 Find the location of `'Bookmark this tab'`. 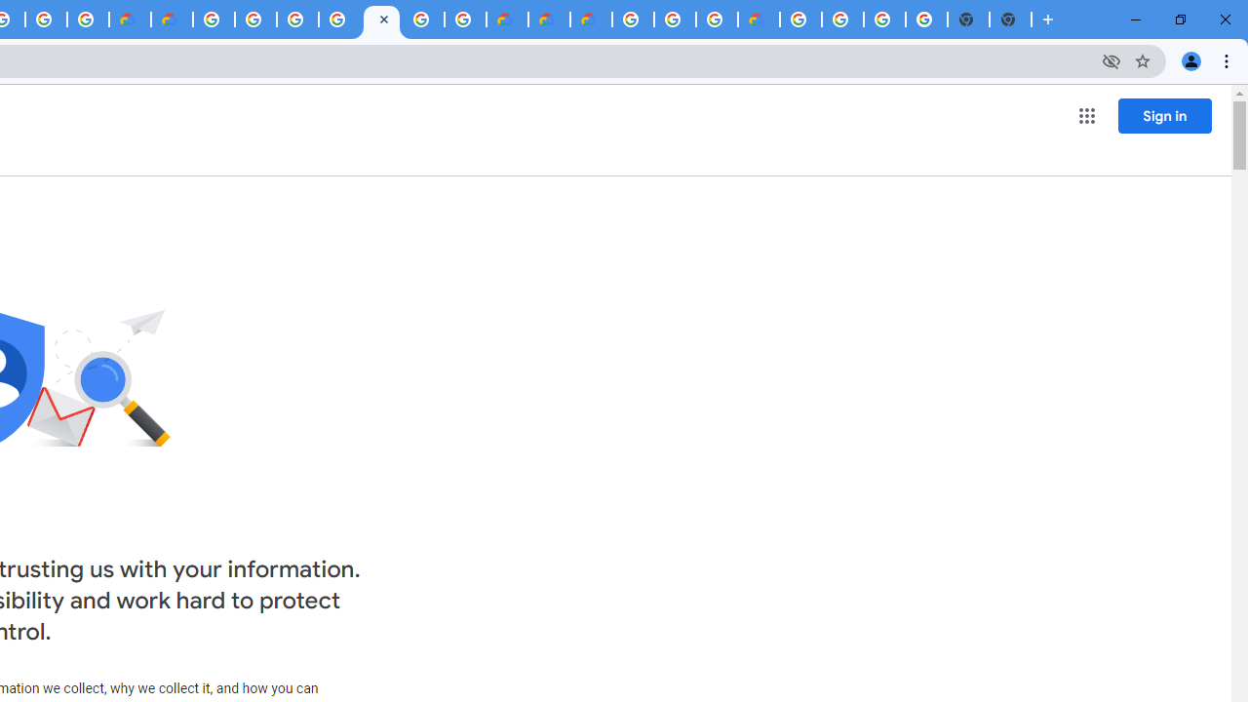

'Bookmark this tab' is located at coordinates (1142, 59).